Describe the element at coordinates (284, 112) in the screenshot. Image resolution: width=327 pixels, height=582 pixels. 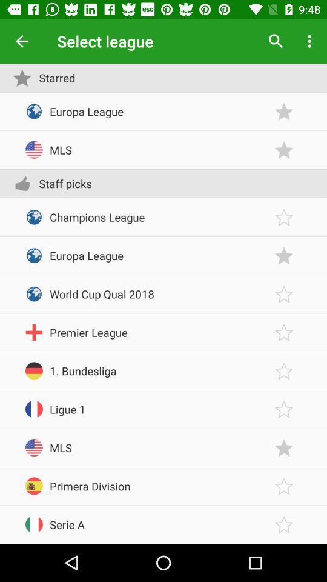
I see `league` at that location.